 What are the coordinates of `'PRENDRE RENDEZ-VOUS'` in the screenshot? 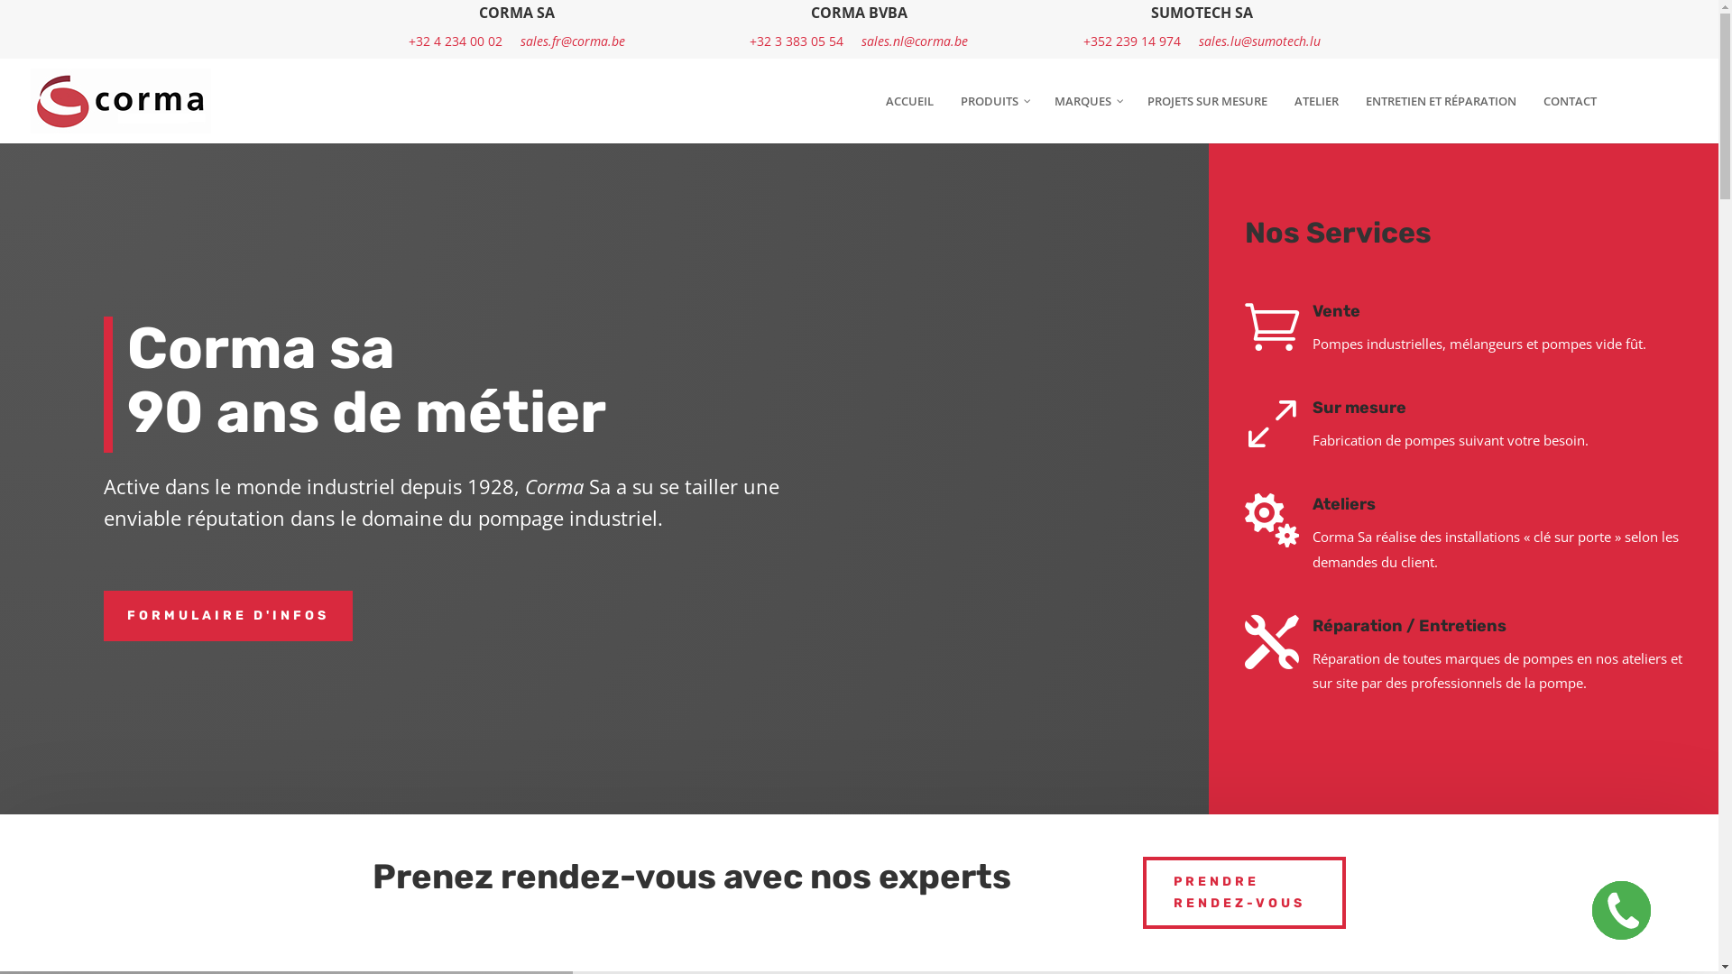 It's located at (1243, 893).